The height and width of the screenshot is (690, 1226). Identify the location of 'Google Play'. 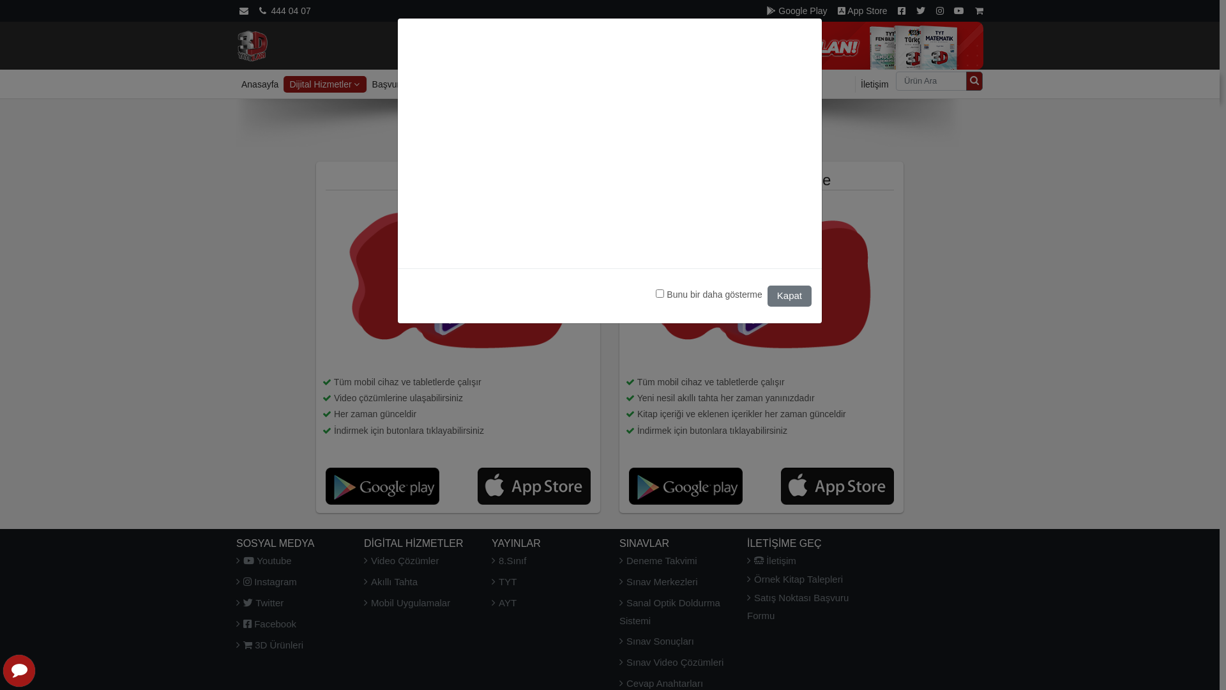
(796, 10).